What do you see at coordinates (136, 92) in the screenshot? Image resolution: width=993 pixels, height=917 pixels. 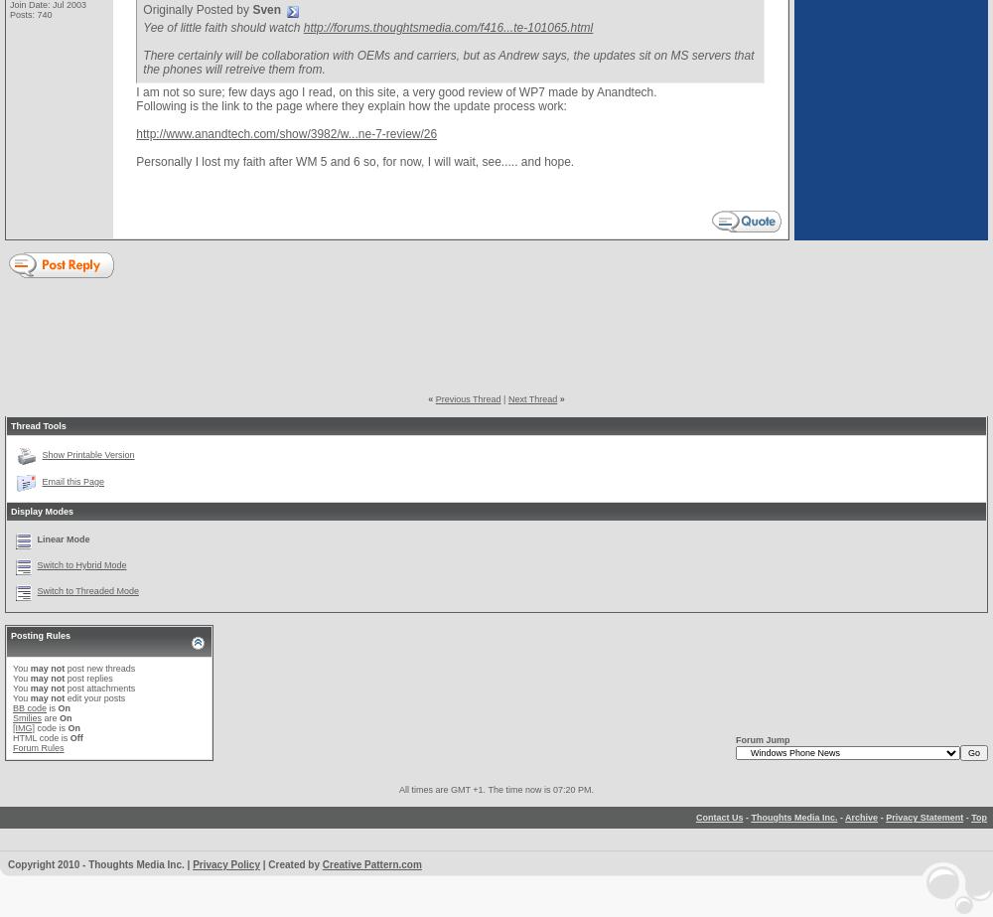 I see `'I am not so sure; few days ago I read, on this site, a very good review of WP7 made by Anandtech.'` at bounding box center [136, 92].